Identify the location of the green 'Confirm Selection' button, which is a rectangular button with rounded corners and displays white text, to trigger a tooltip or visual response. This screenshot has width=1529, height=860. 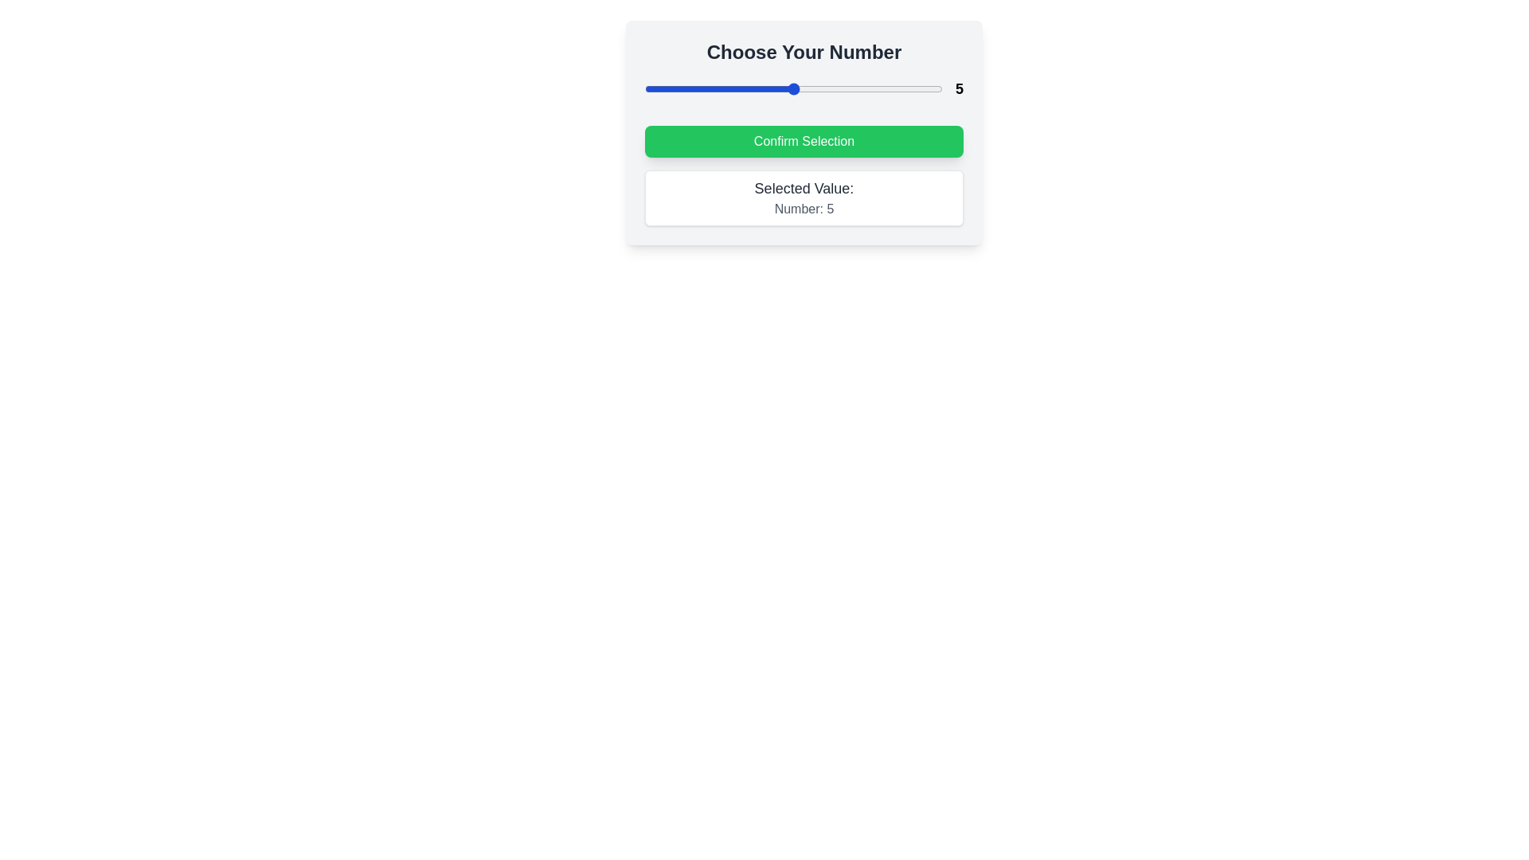
(804, 131).